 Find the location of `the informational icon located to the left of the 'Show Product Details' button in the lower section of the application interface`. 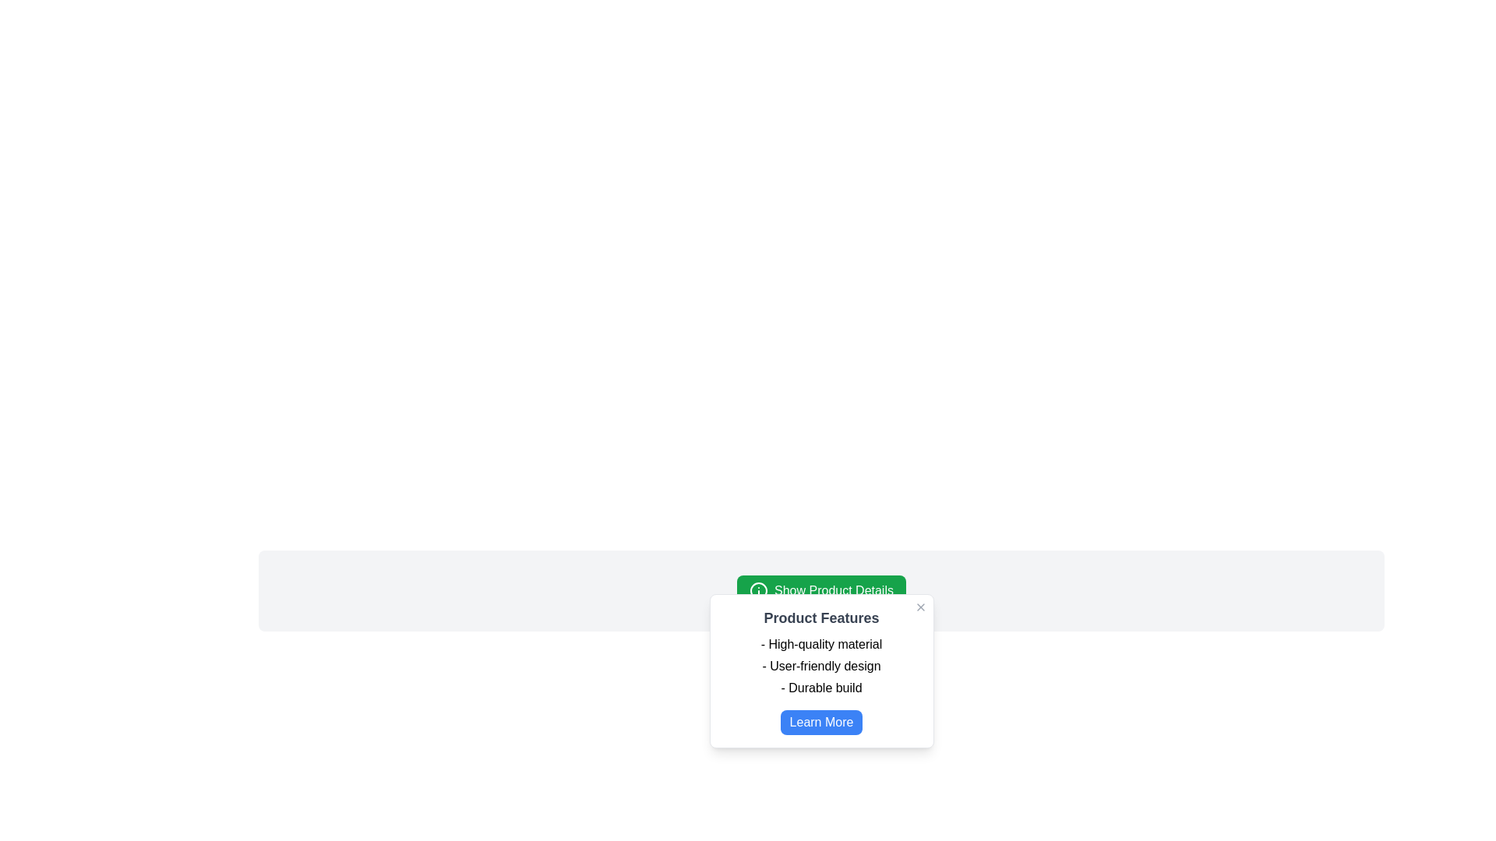

the informational icon located to the left of the 'Show Product Details' button in the lower section of the application interface is located at coordinates (759, 591).